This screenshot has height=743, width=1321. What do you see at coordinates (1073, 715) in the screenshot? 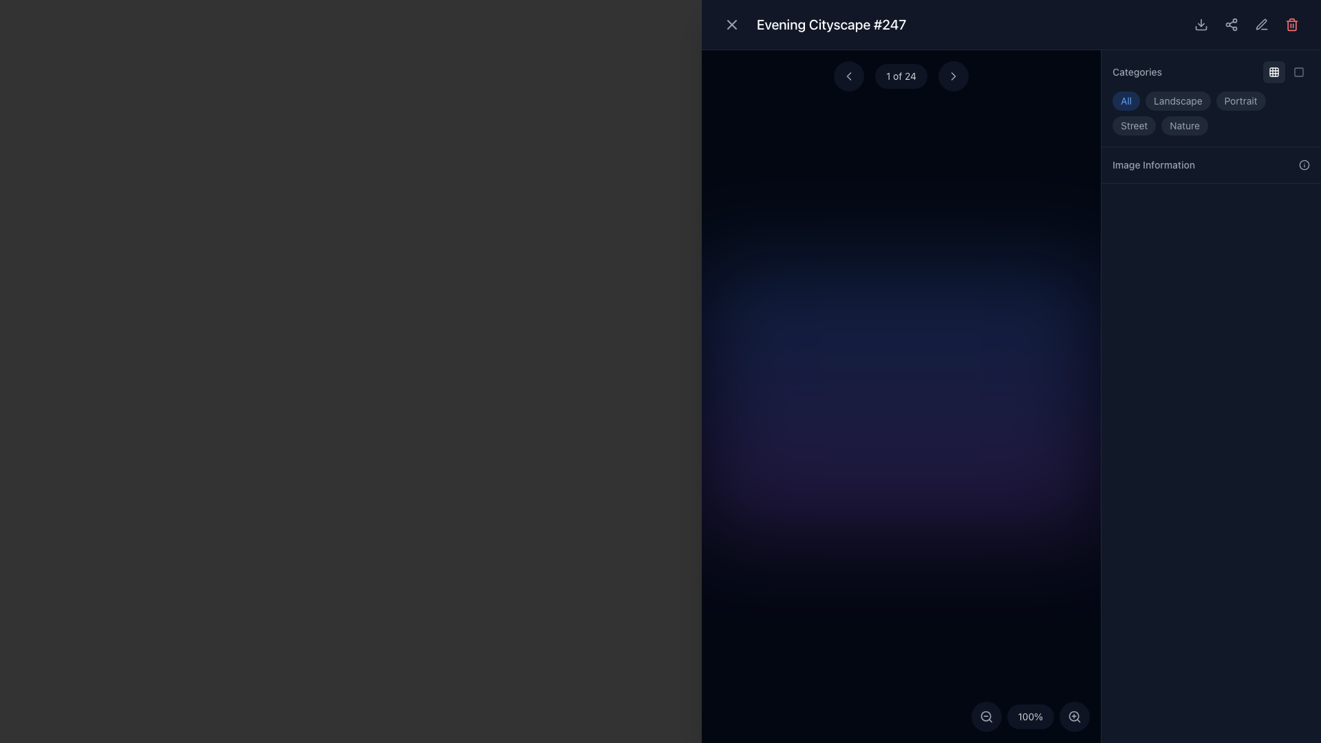
I see `the zoom in button located in the bottom-right corner of the interface, which has a dark gray background and a lens-shaped symbol` at bounding box center [1073, 715].